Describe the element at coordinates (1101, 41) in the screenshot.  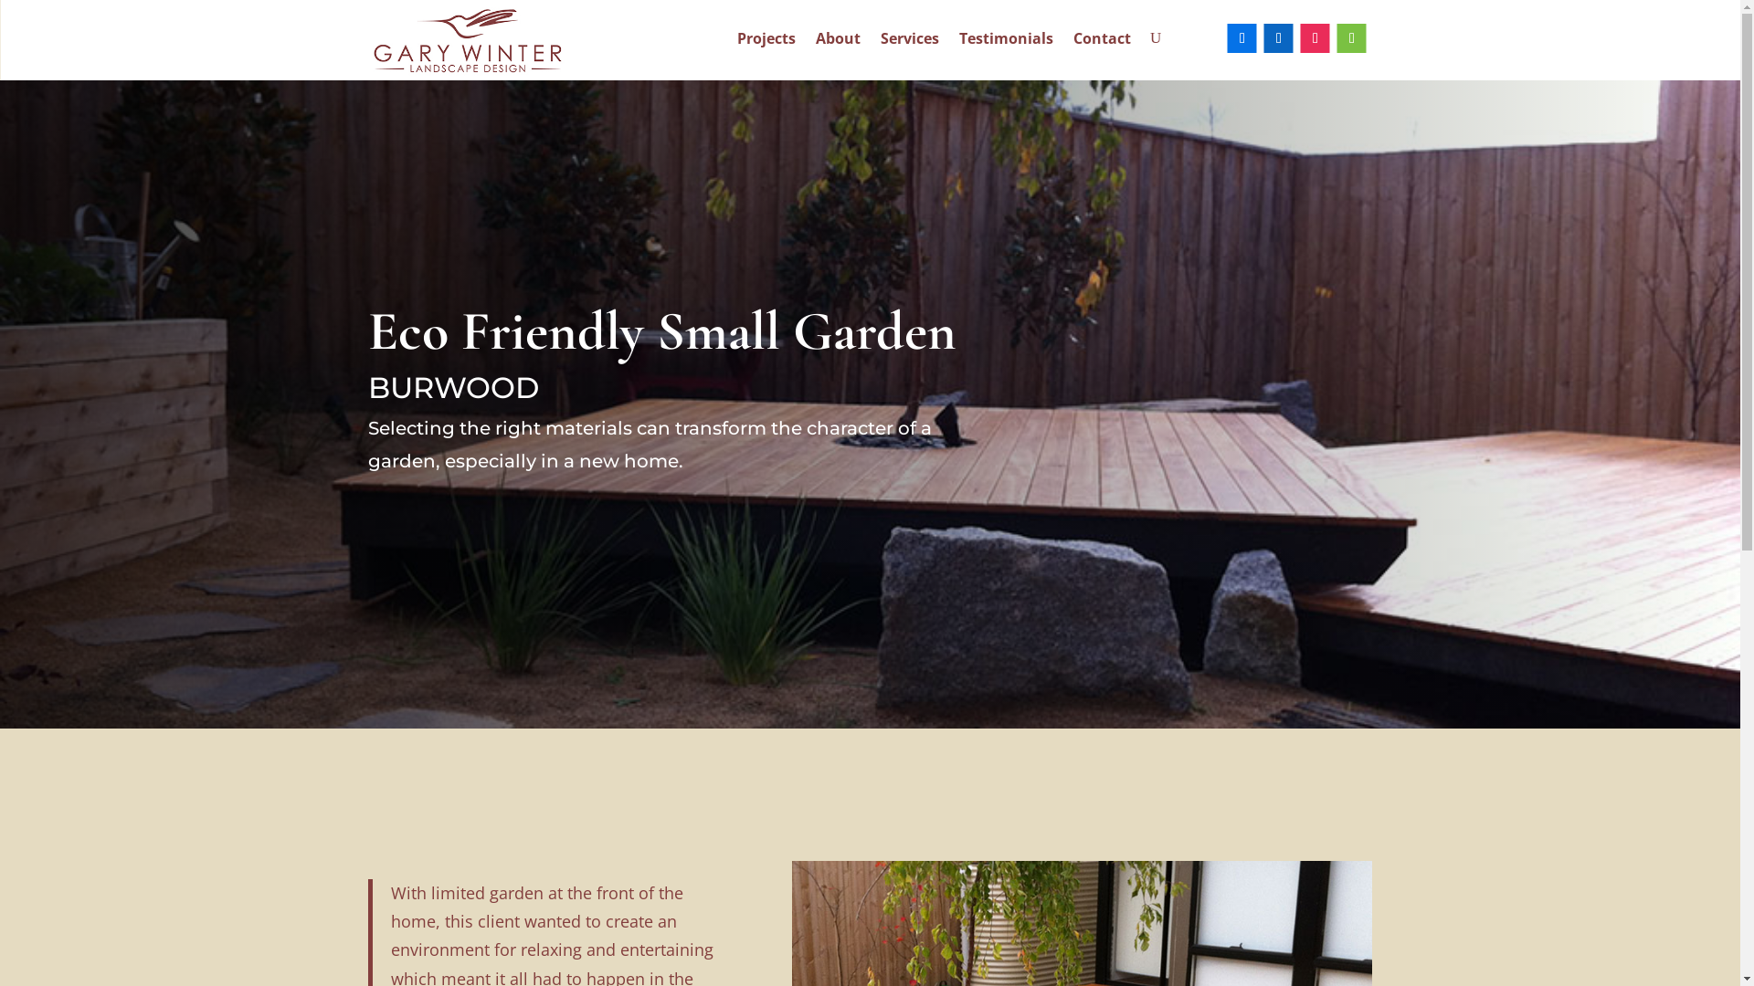
I see `'Contact'` at that location.